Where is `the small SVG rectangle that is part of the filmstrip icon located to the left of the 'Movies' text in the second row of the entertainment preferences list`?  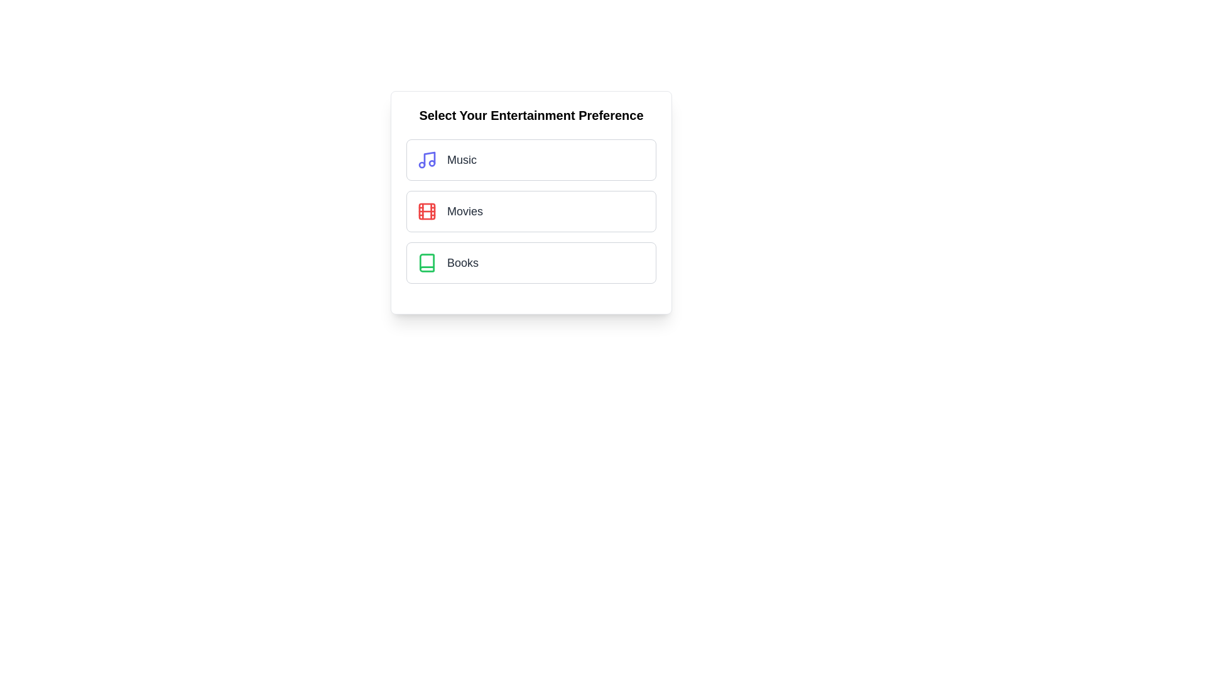 the small SVG rectangle that is part of the filmstrip icon located to the left of the 'Movies' text in the second row of the entertainment preferences list is located at coordinates (427, 210).